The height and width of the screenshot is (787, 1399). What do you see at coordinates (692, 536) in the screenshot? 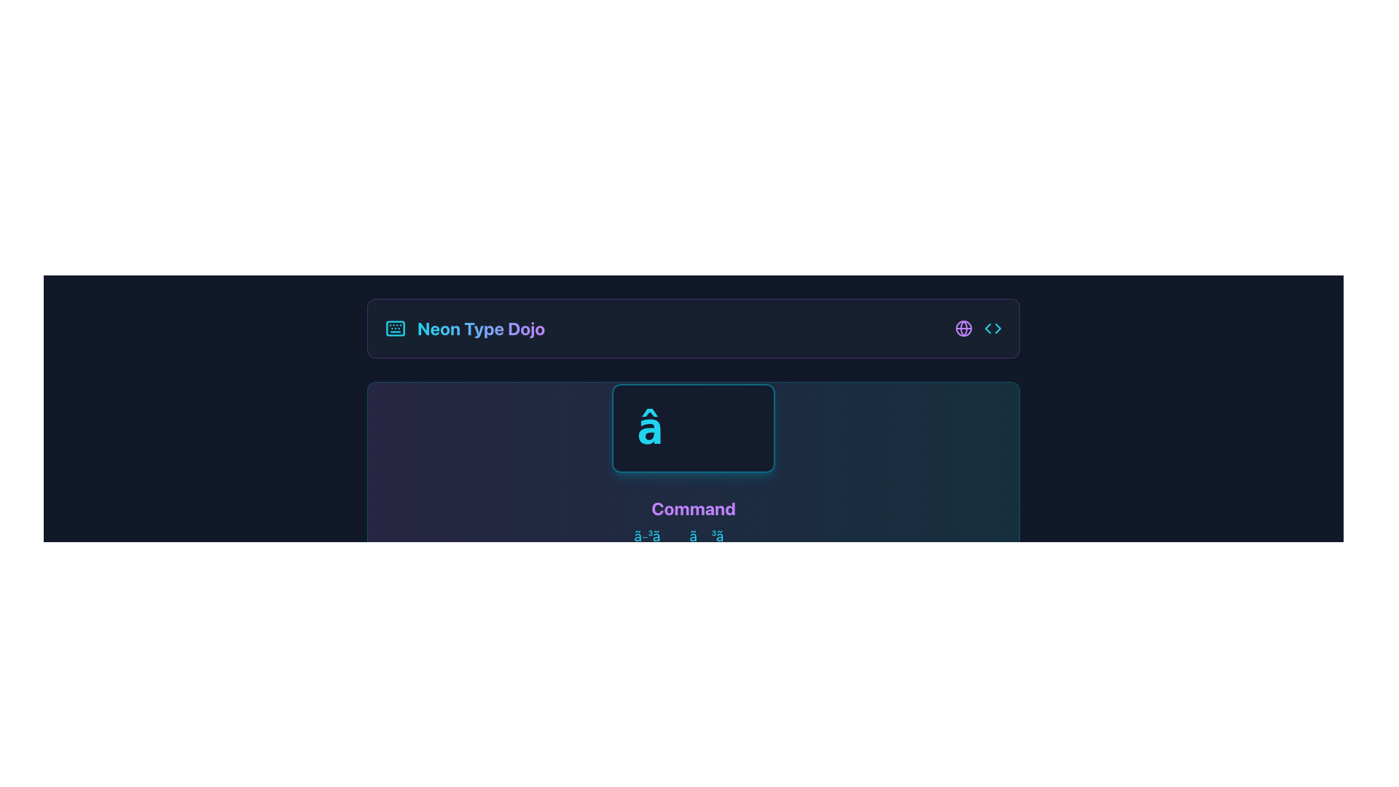
I see `the second text block rendered in large cyan font, located centrally beneath the purple 'Command' label in the lower part of the interface` at bounding box center [692, 536].